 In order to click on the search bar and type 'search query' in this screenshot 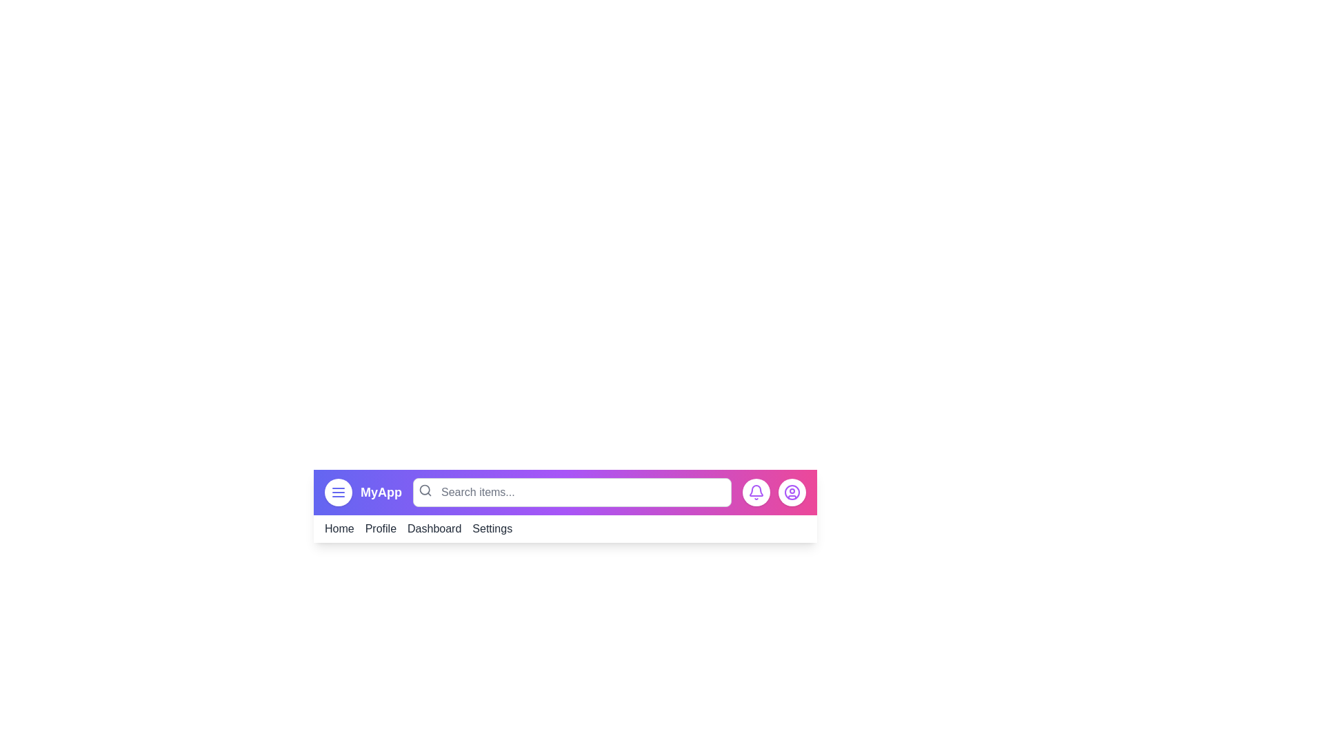, I will do `click(572, 491)`.